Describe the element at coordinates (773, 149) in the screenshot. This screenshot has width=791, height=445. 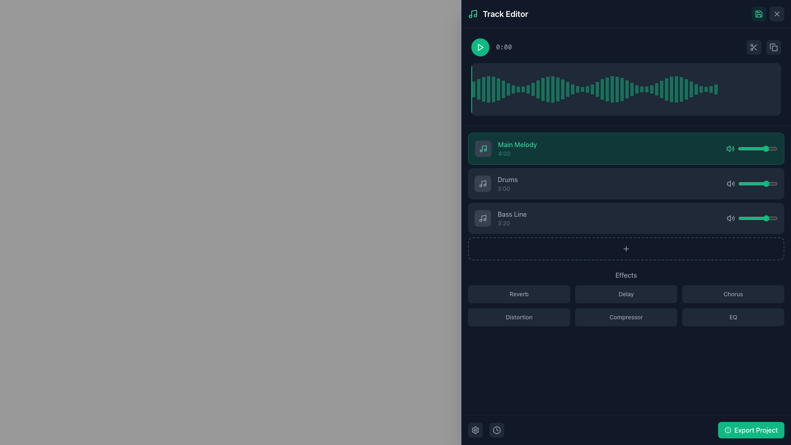
I see `the volume slider` at that location.